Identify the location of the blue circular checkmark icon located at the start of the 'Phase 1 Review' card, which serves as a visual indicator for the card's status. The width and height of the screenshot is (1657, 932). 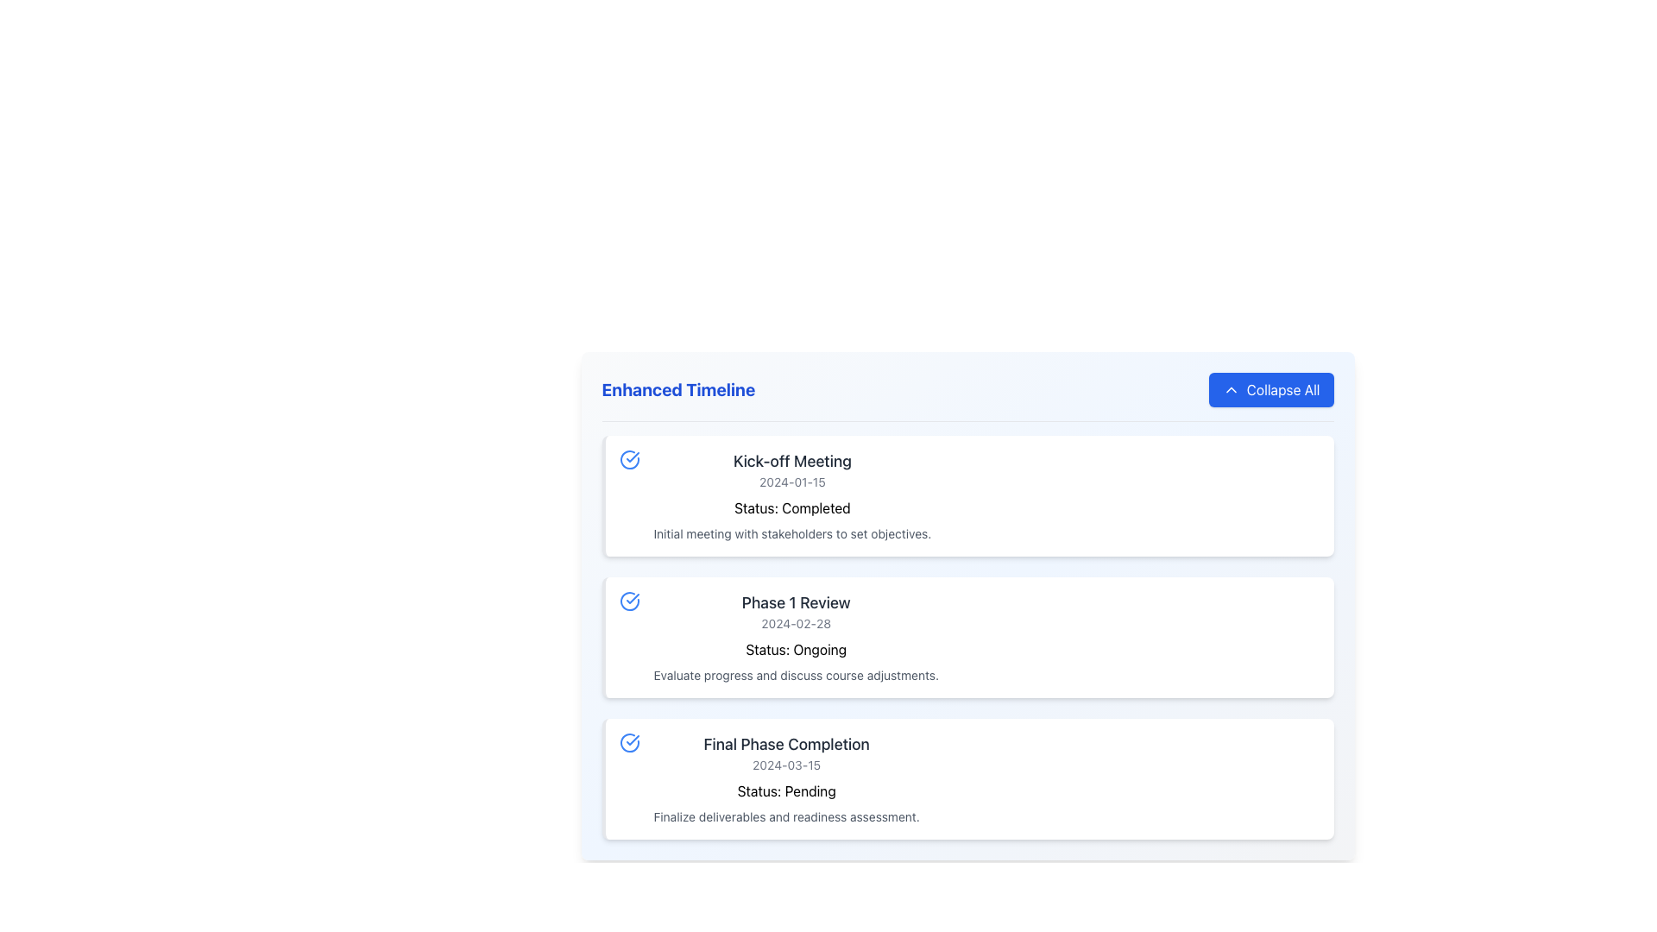
(628, 601).